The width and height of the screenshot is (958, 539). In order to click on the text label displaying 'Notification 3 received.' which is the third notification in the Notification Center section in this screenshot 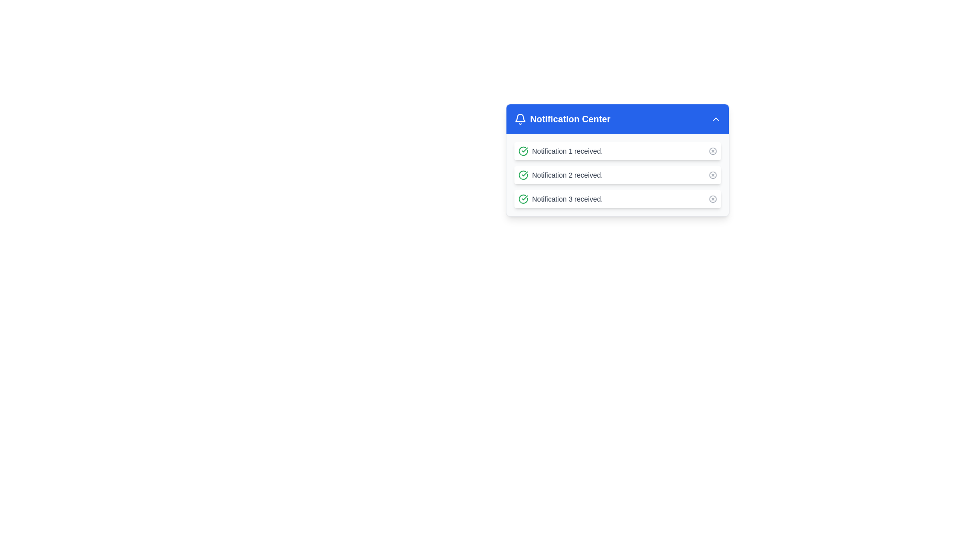, I will do `click(567, 199)`.